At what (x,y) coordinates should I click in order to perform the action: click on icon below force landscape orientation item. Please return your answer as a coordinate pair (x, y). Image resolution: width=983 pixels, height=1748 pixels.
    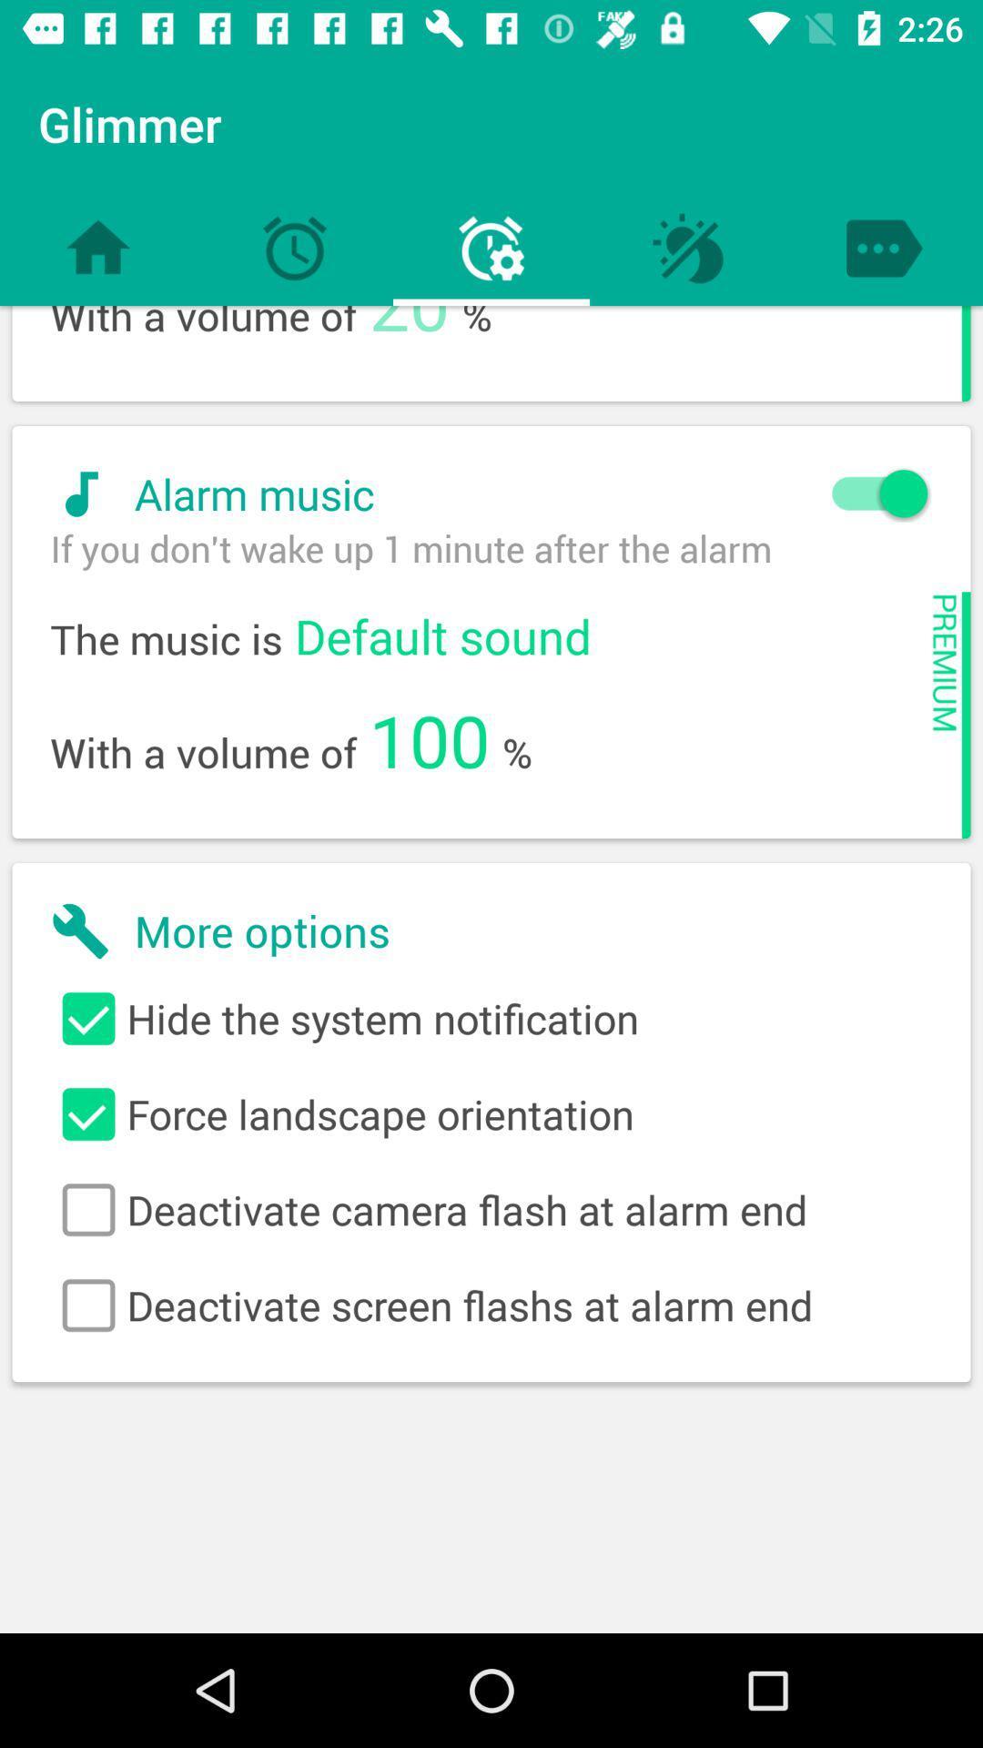
    Looking at the image, I should click on (491, 1210).